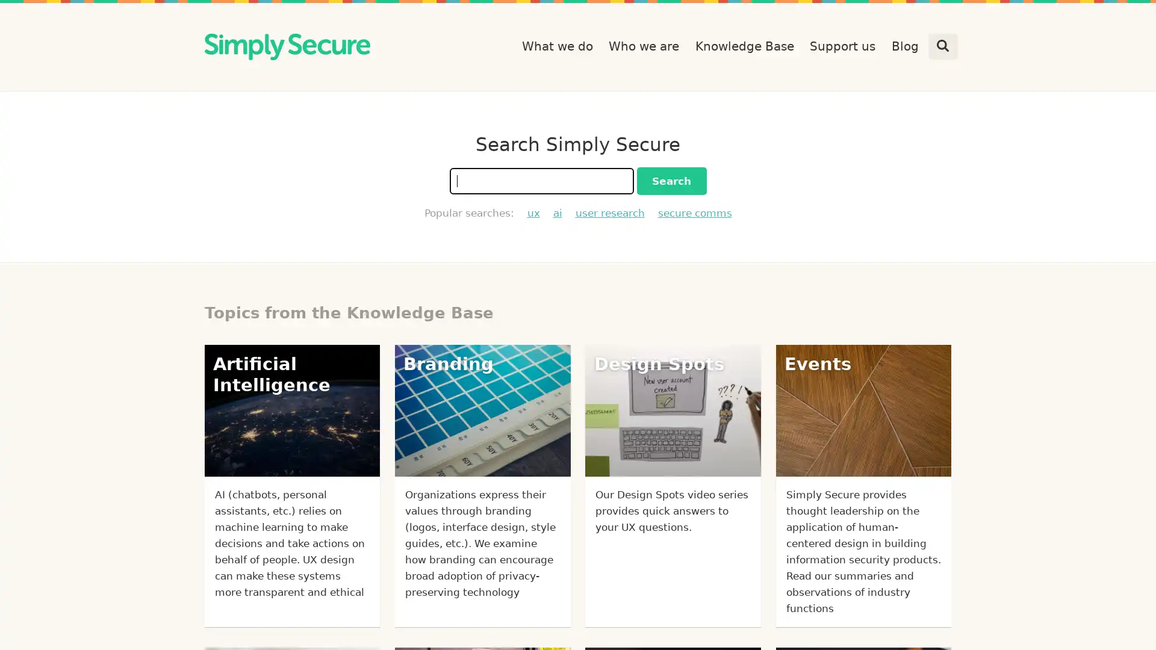  What do you see at coordinates (670, 181) in the screenshot?
I see `Search` at bounding box center [670, 181].